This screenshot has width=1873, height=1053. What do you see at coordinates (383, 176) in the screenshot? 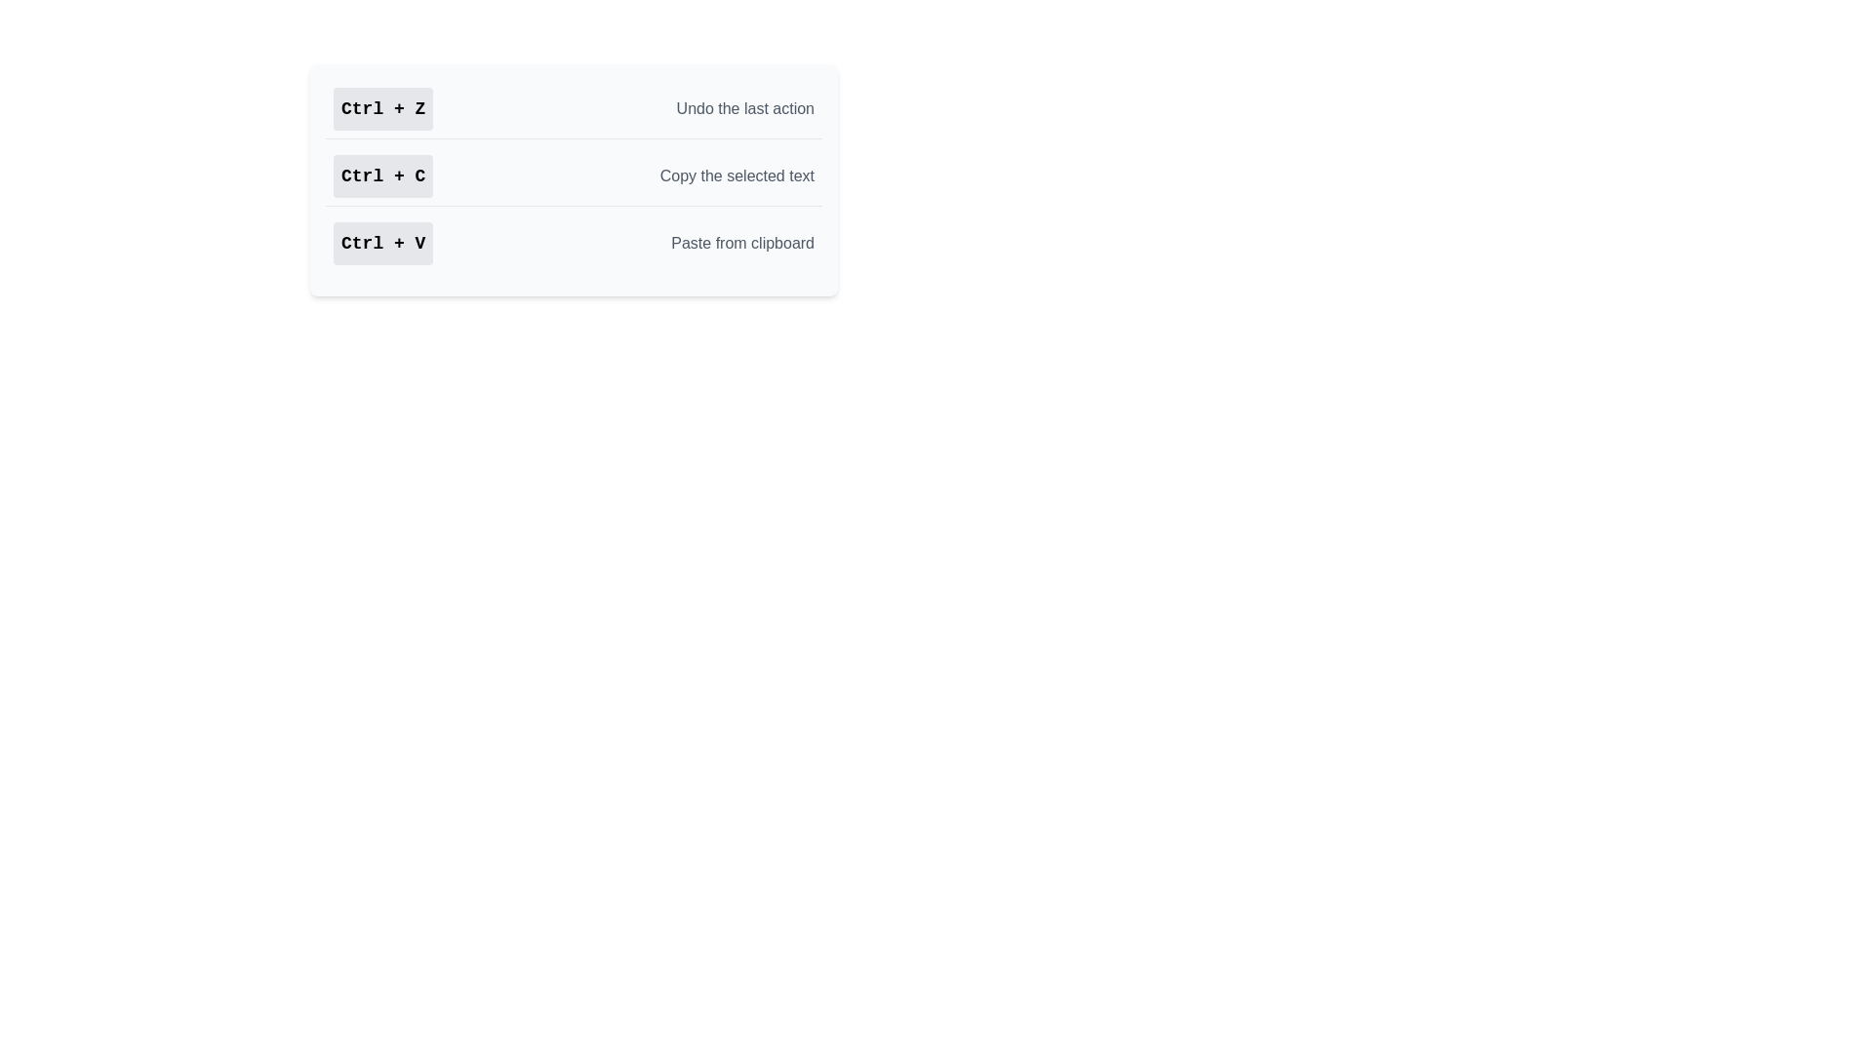
I see `the static informational label displaying the keyboard shortcut 'Ctrl + C', which indicates the operation of copying selected text` at bounding box center [383, 176].